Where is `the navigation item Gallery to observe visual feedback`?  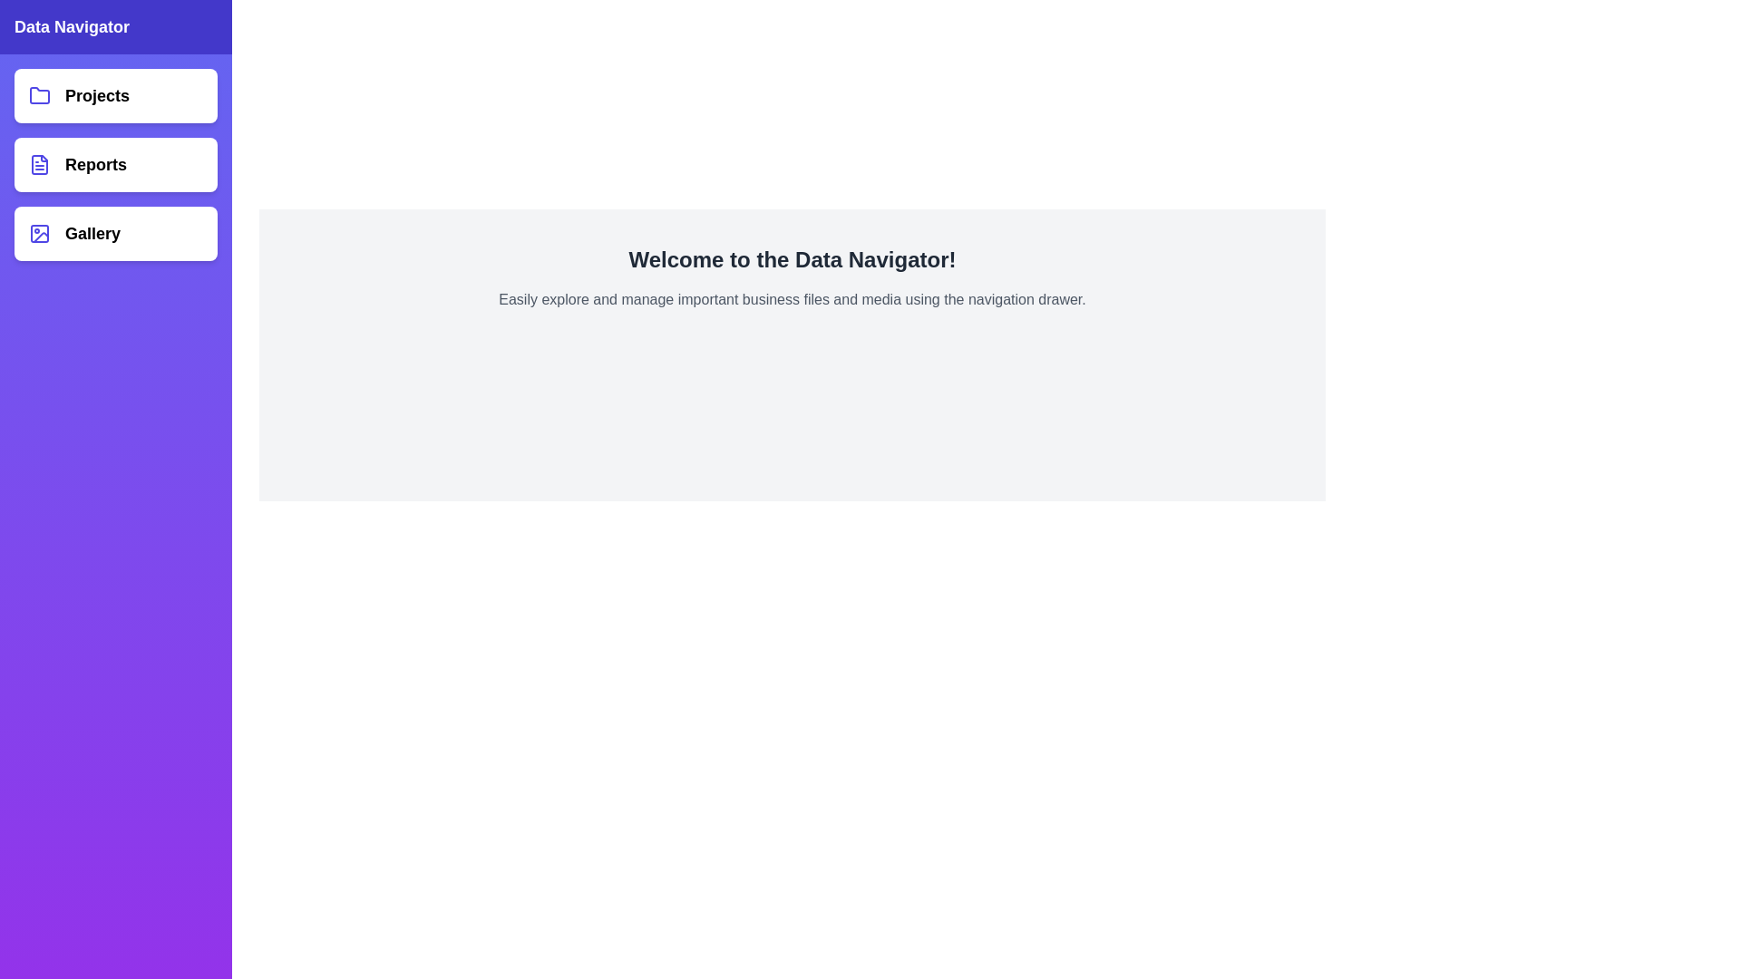
the navigation item Gallery to observe visual feedback is located at coordinates (115, 233).